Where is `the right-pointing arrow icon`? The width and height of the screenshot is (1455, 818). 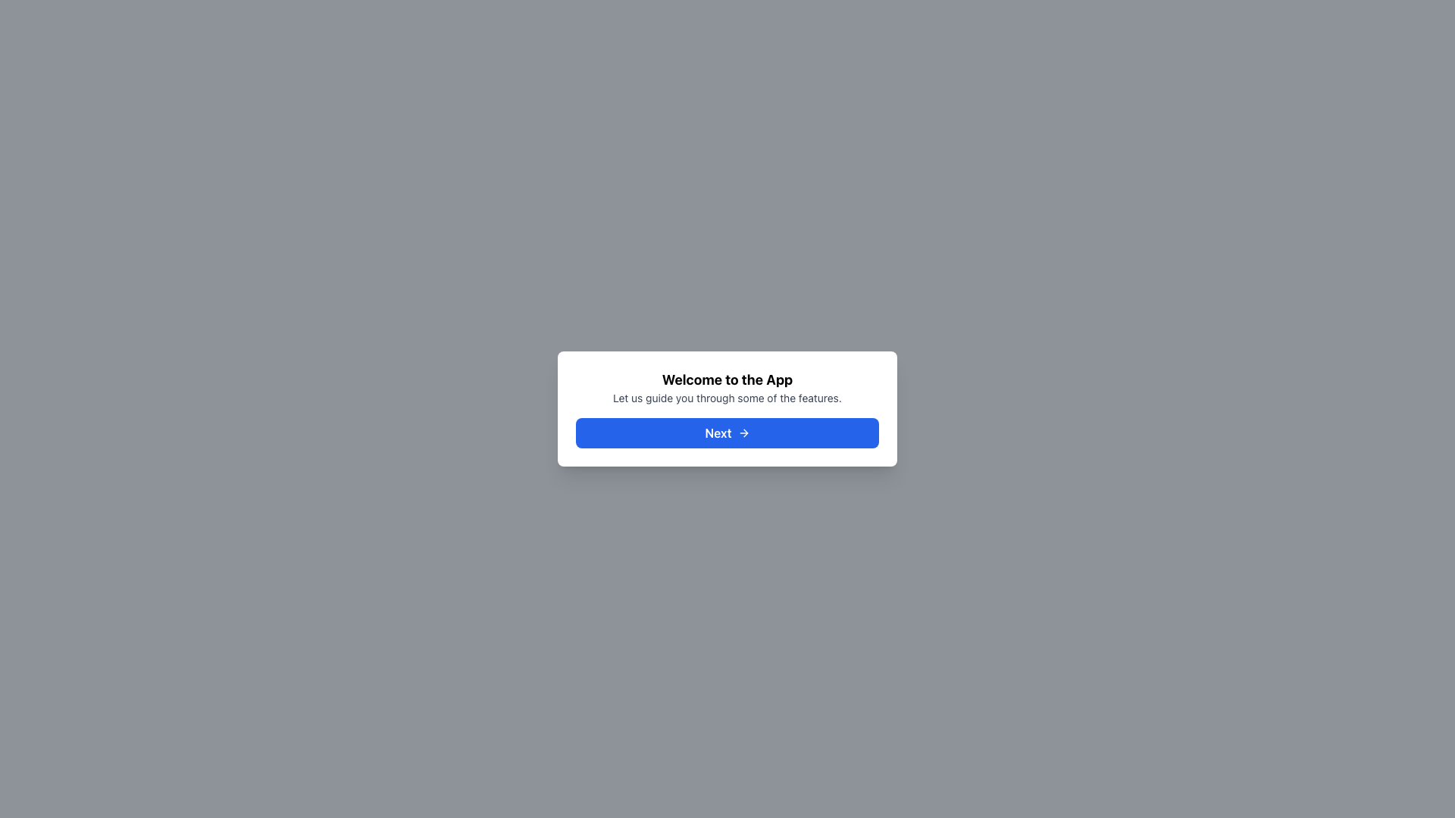 the right-pointing arrow icon is located at coordinates (745, 432).